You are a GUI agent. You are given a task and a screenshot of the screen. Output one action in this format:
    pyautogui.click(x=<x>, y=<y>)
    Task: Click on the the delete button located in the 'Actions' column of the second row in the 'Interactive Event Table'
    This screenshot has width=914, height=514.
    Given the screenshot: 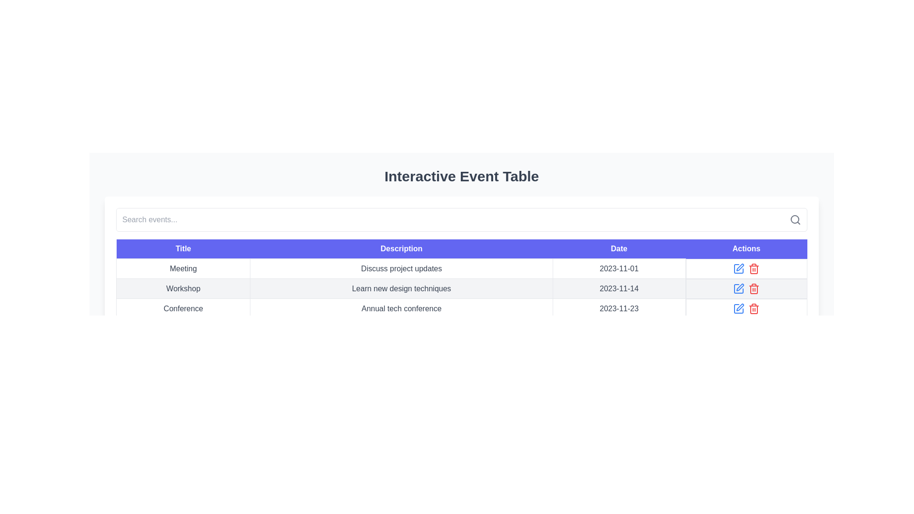 What is the action you would take?
    pyautogui.click(x=754, y=288)
    